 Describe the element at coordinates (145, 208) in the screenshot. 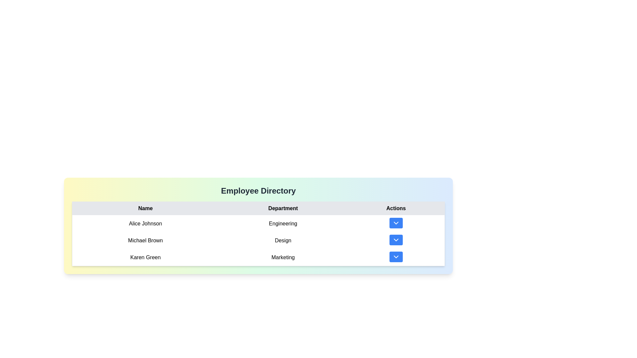

I see `the Text Label that serves as the label for the first column of the data table, located on the left side of the header row` at that location.